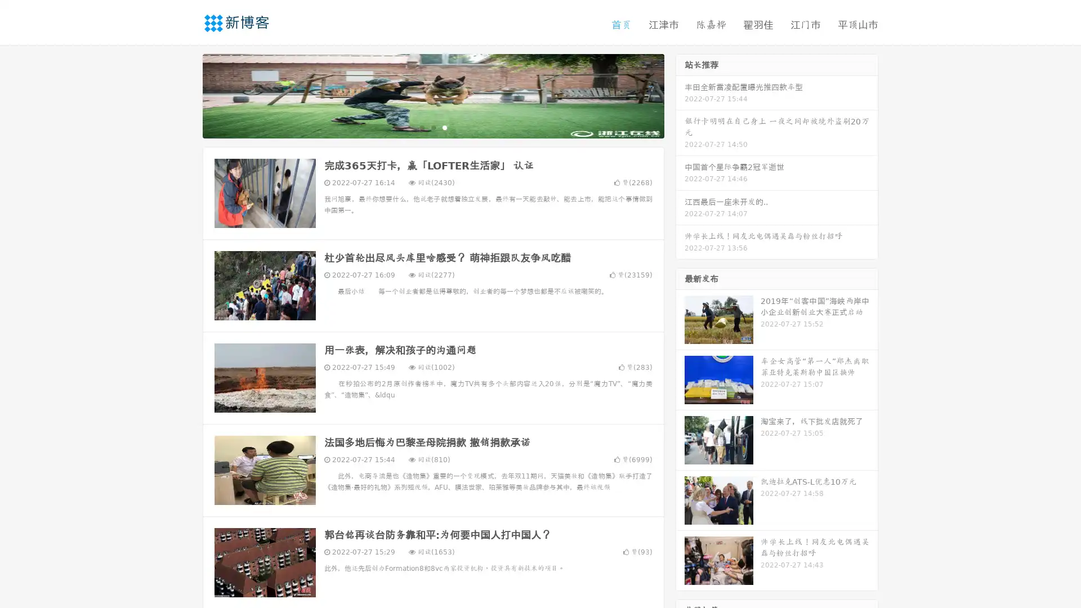 This screenshot has width=1081, height=608. What do you see at coordinates (432, 127) in the screenshot?
I see `Go to slide 2` at bounding box center [432, 127].